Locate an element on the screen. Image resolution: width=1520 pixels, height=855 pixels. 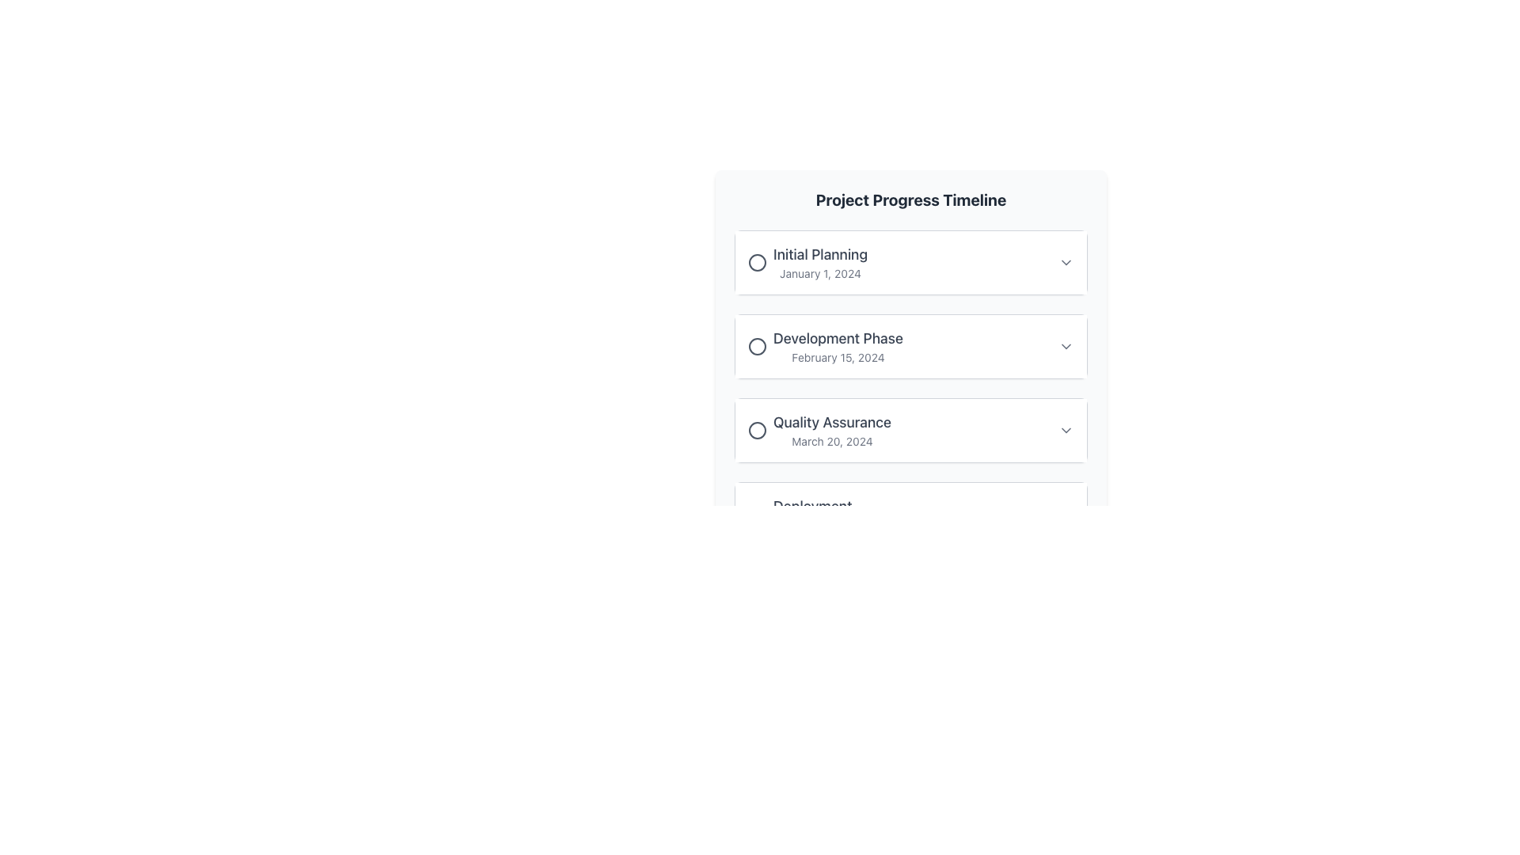
the circle of the 'Initial Planning' milestone in the Project Progress Timeline is located at coordinates (807, 261).